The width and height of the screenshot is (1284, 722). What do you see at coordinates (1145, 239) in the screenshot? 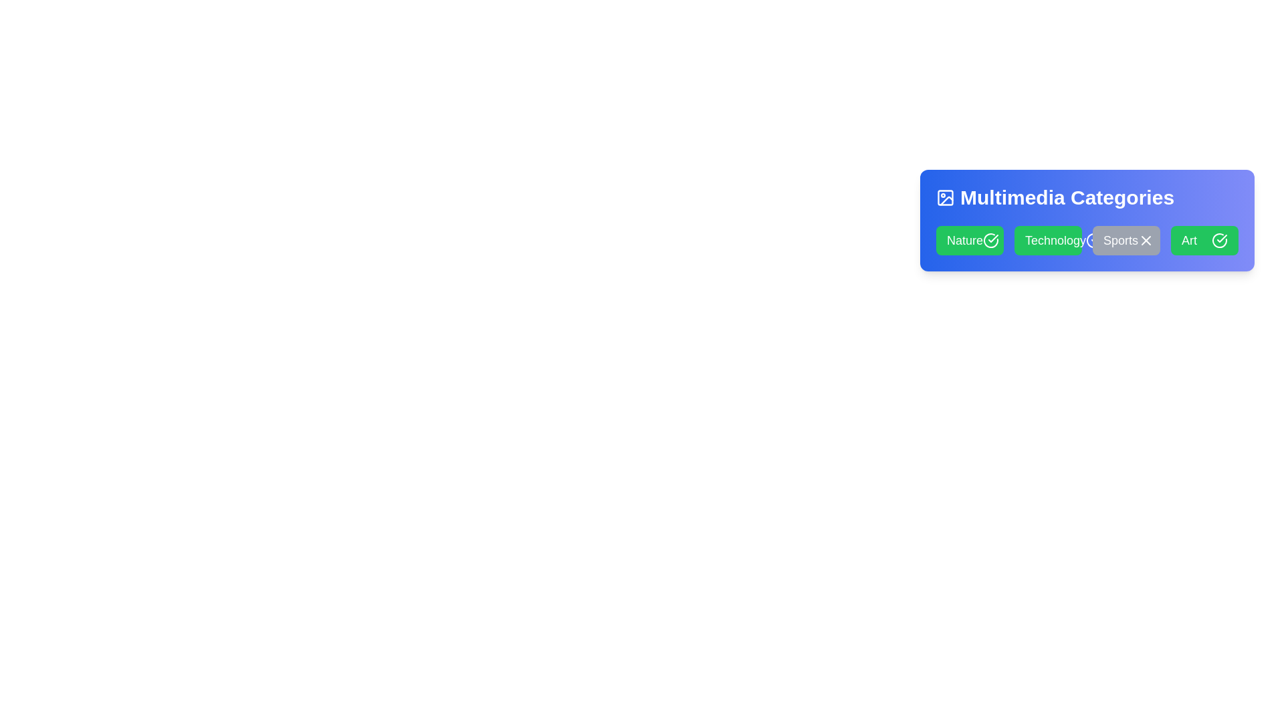
I see `the close (X) icon within the gray button labeled 'Sports' to deselect the category` at bounding box center [1145, 239].